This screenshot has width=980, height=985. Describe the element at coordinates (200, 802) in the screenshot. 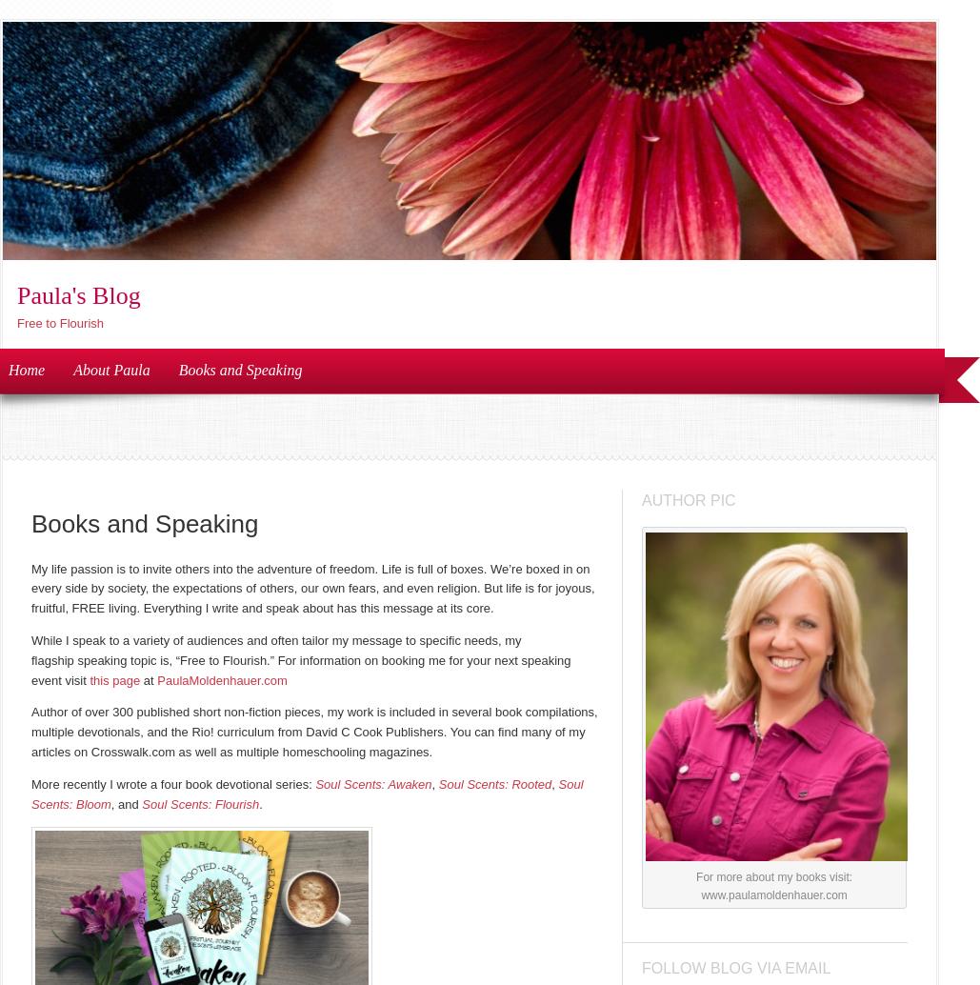

I see `'Soul Scents: Flourish'` at that location.